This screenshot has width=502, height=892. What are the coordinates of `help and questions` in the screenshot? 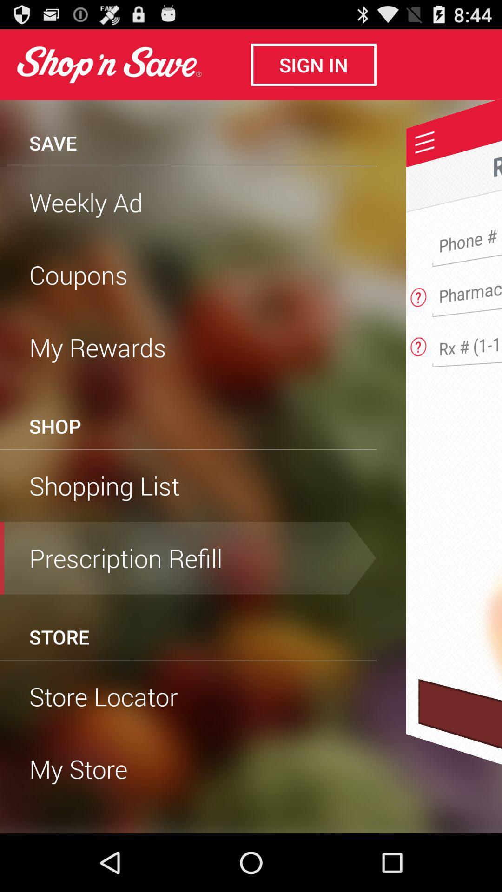 It's located at (418, 343).